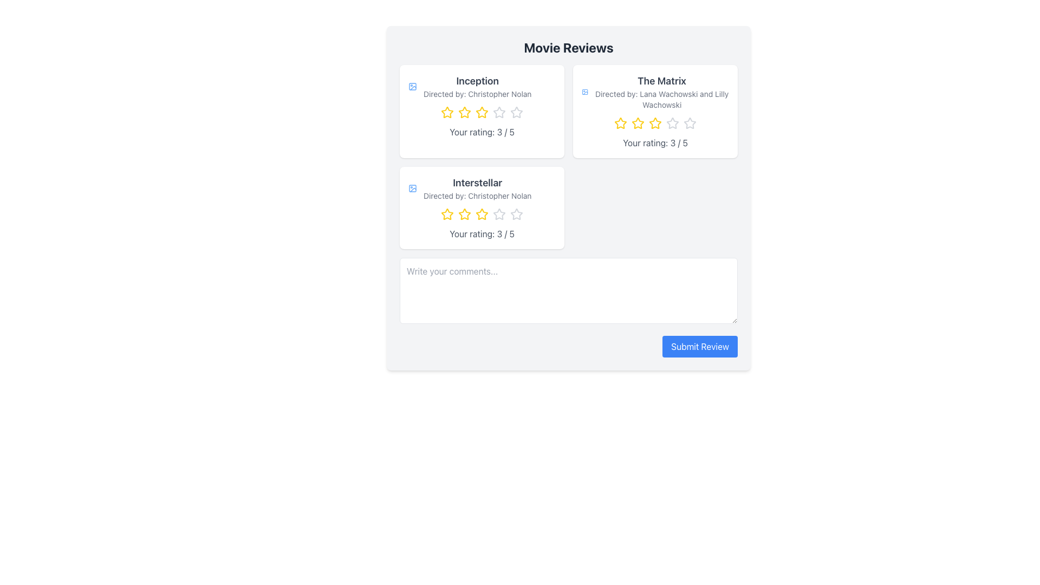 This screenshot has width=1040, height=585. I want to click on the small blue photo image icon located at the top left corner of 'The Matrix' card, so click(584, 91).